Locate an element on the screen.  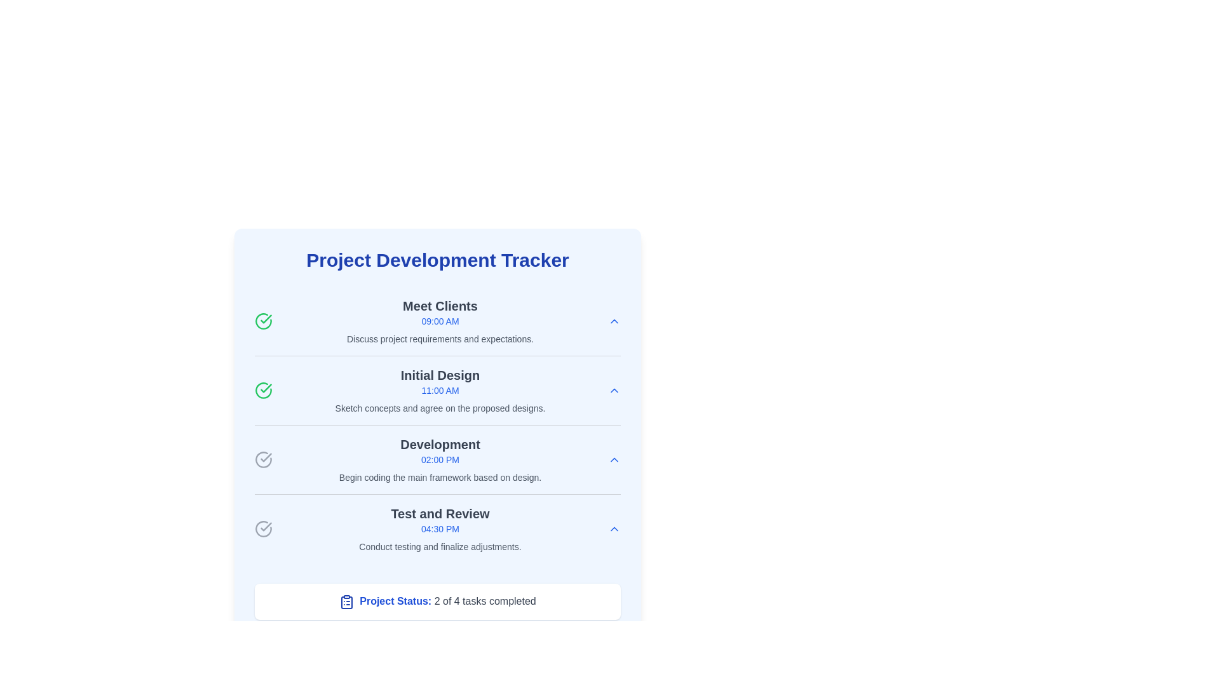
the upward-pointing blue chevron icon button located to the right of the time label '02:00 PM' within the 'Development' section is located at coordinates (614, 460).